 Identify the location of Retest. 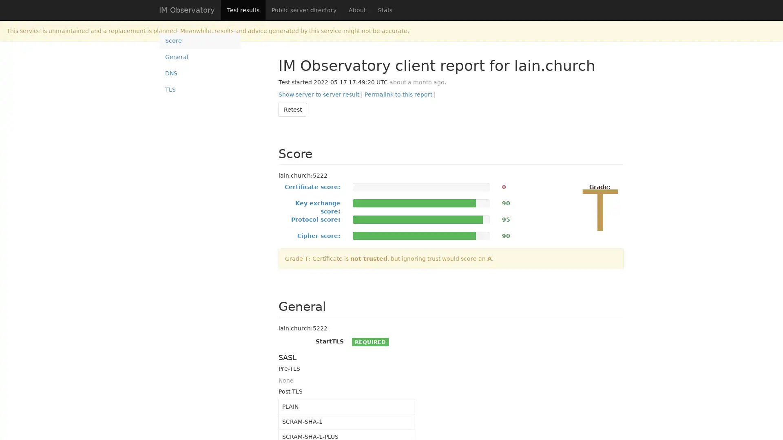
(292, 108).